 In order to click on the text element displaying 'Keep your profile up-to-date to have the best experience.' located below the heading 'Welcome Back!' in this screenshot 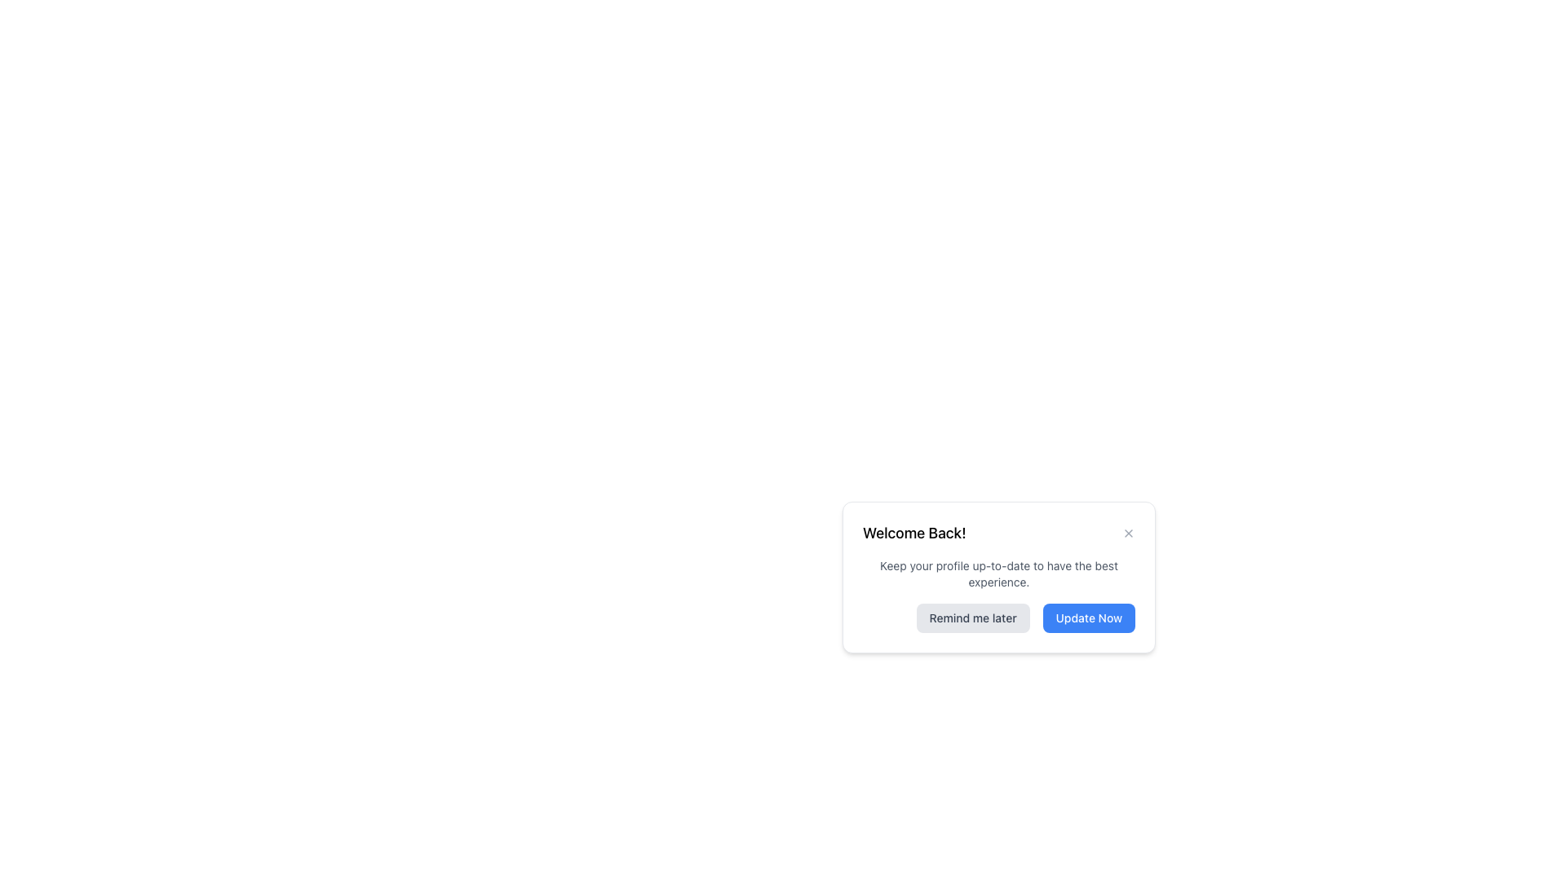, I will do `click(998, 573)`.